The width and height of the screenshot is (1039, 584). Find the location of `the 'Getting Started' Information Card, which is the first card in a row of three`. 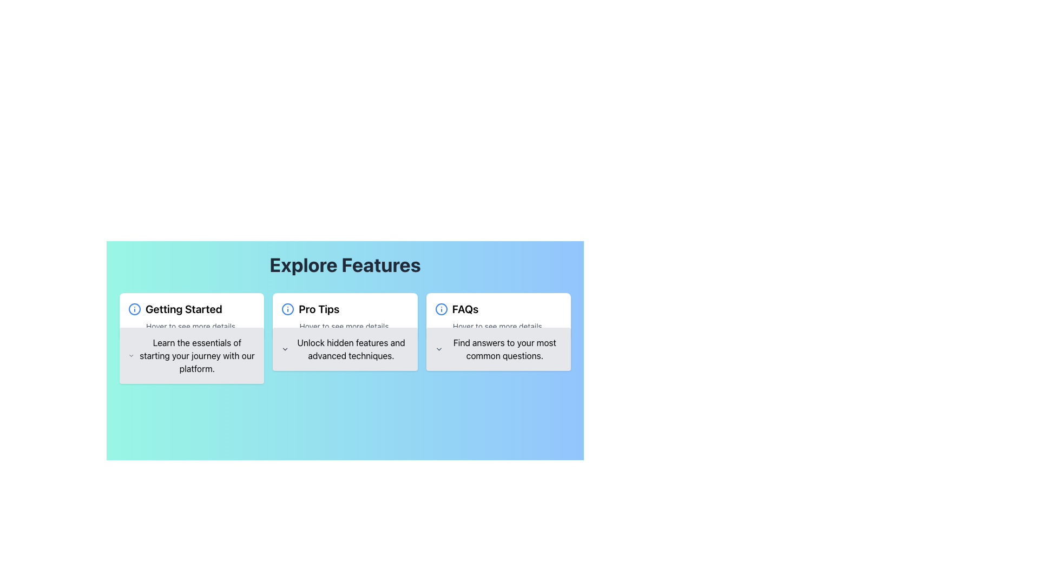

the 'Getting Started' Information Card, which is the first card in a row of three is located at coordinates (192, 316).